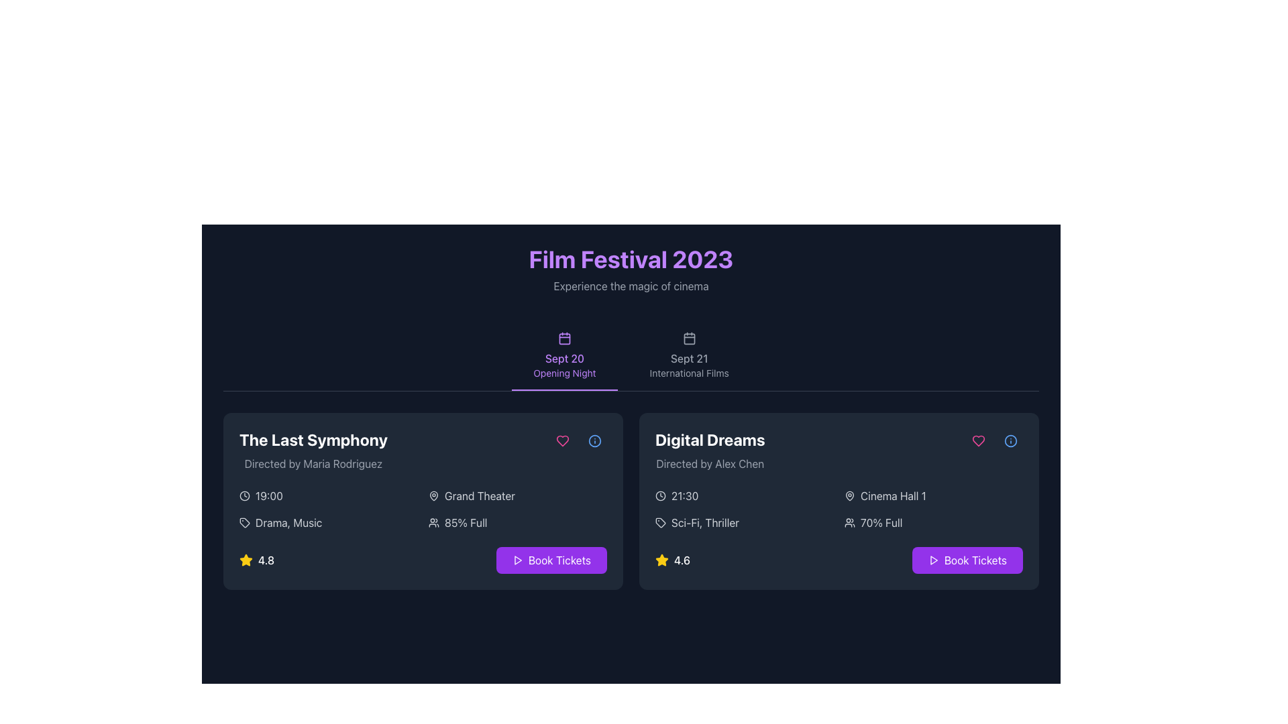 The image size is (1288, 724). What do you see at coordinates (849, 495) in the screenshot?
I see `the icon representing 'Cinema Hall 1' located in the middle right section of the 'Digital Dreams' card` at bounding box center [849, 495].